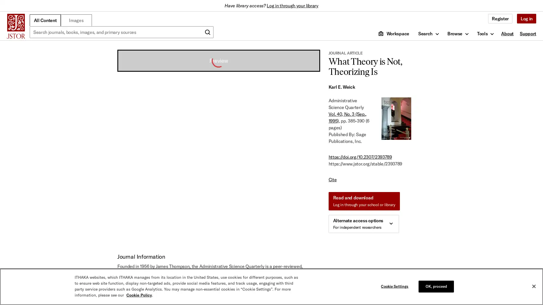 The image size is (543, 305). Describe the element at coordinates (363, 224) in the screenshot. I see `Alternate access options For independent researchers` at that location.